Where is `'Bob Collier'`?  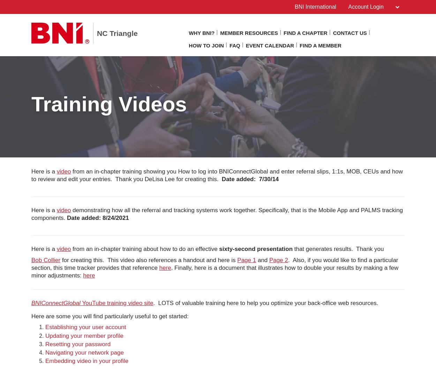
'Bob Collier' is located at coordinates (46, 260).